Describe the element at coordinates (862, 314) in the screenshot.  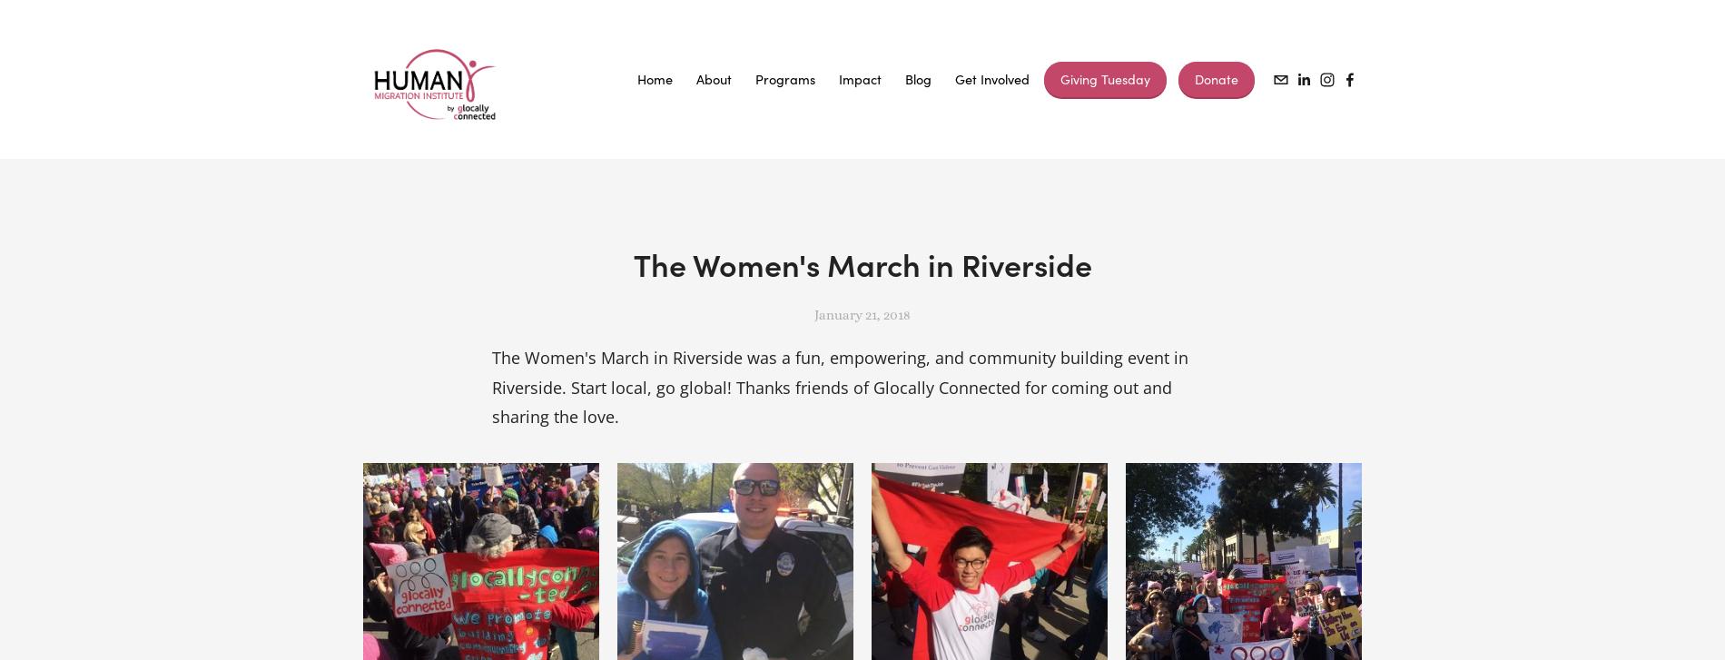
I see `'January 21, 2018'` at that location.